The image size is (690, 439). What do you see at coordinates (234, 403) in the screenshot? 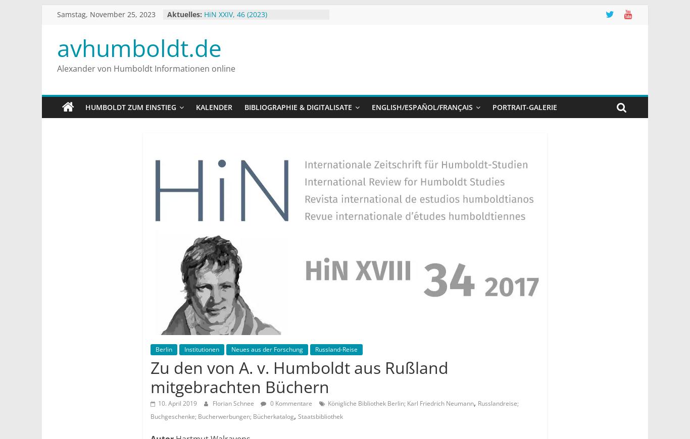
I see `'Florian Schnee'` at bounding box center [234, 403].